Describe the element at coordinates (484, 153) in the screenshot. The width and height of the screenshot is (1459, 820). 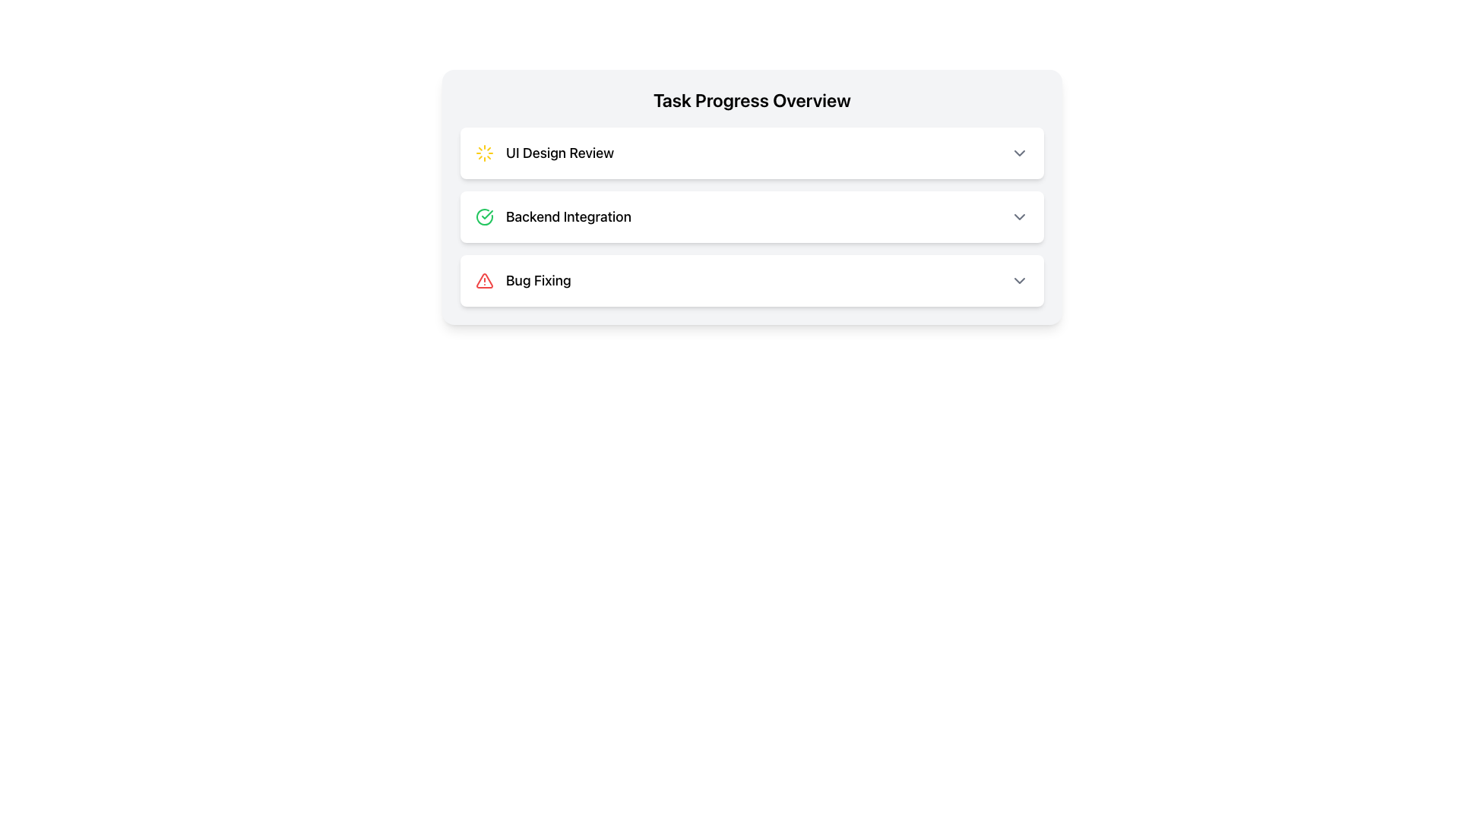
I see `the Loader icon located to the left of the 'UI Design Review' text in the topmost row of the task list within the 'Task Progress Overview' section` at that location.